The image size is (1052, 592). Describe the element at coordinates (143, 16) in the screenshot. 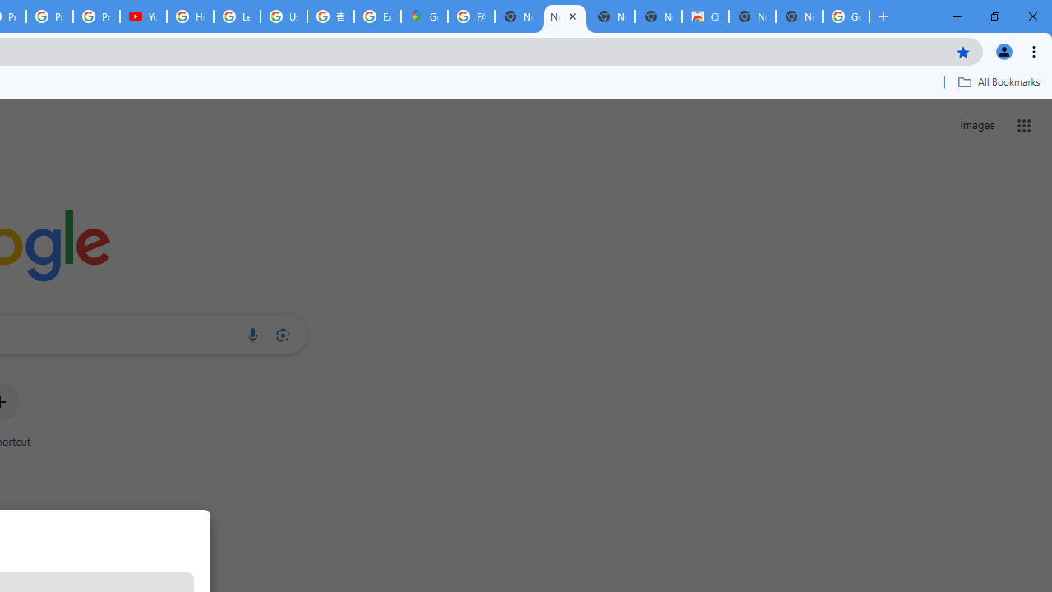

I see `'YouTube'` at that location.